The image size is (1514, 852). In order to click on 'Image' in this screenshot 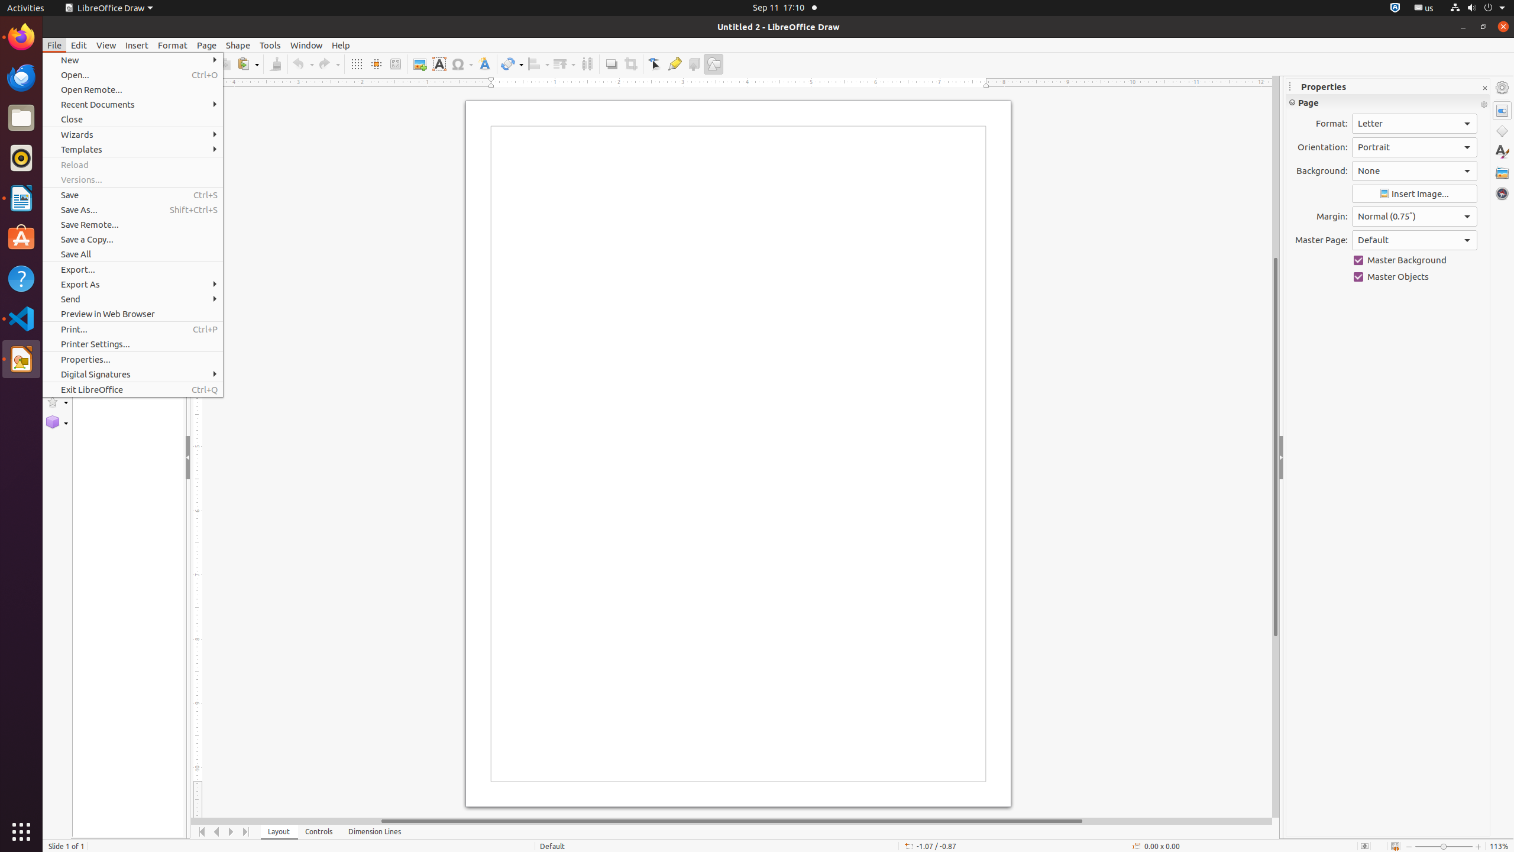, I will do `click(419, 63)`.